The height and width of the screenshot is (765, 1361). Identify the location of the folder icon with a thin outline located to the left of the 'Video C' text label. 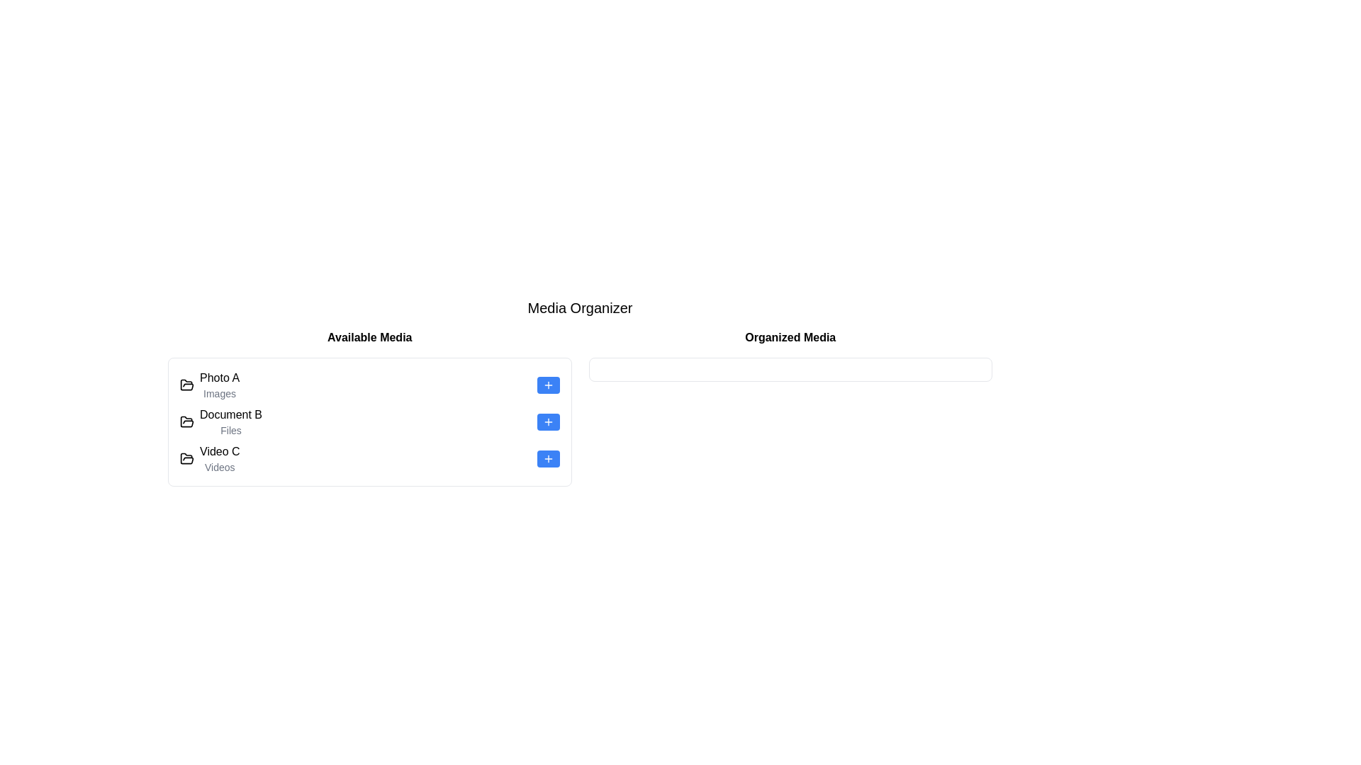
(186, 459).